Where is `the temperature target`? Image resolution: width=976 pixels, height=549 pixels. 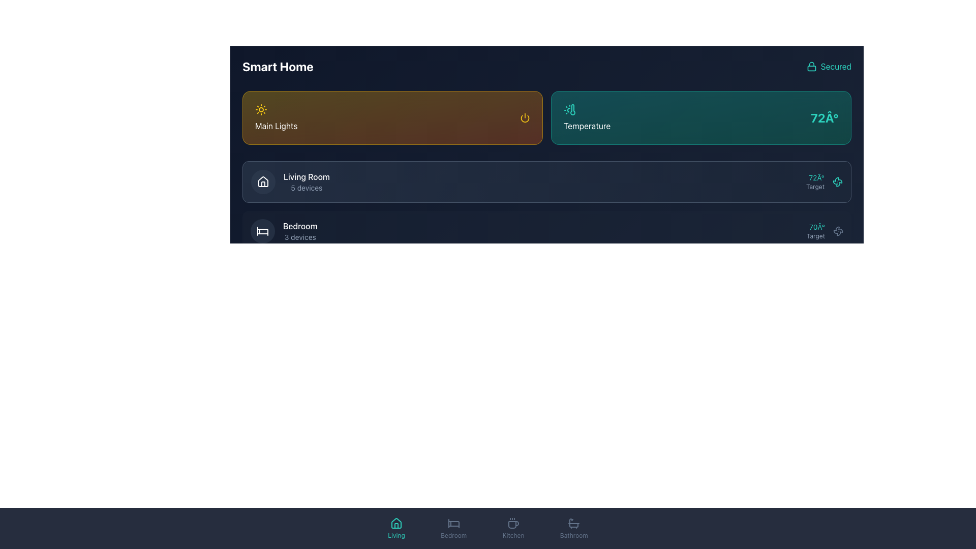 the temperature target is located at coordinates (661, 231).